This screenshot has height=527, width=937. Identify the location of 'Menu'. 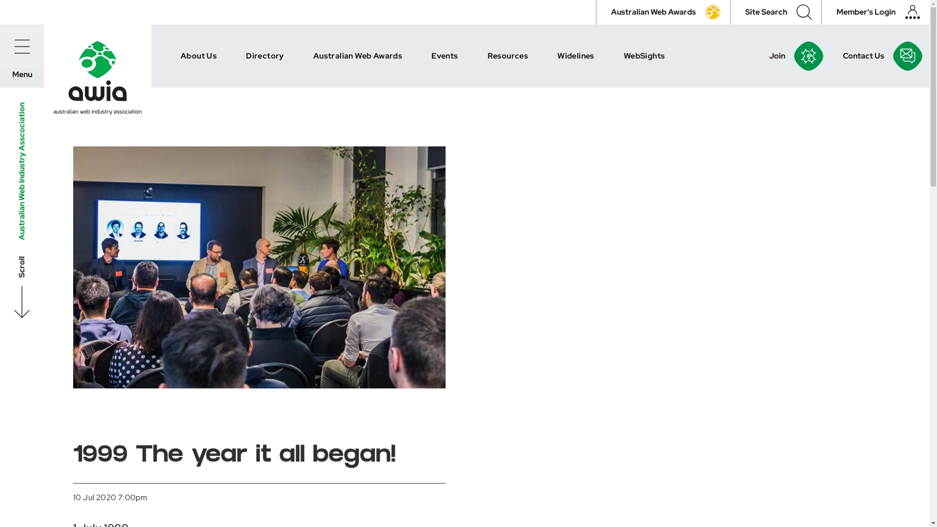
(0, 46).